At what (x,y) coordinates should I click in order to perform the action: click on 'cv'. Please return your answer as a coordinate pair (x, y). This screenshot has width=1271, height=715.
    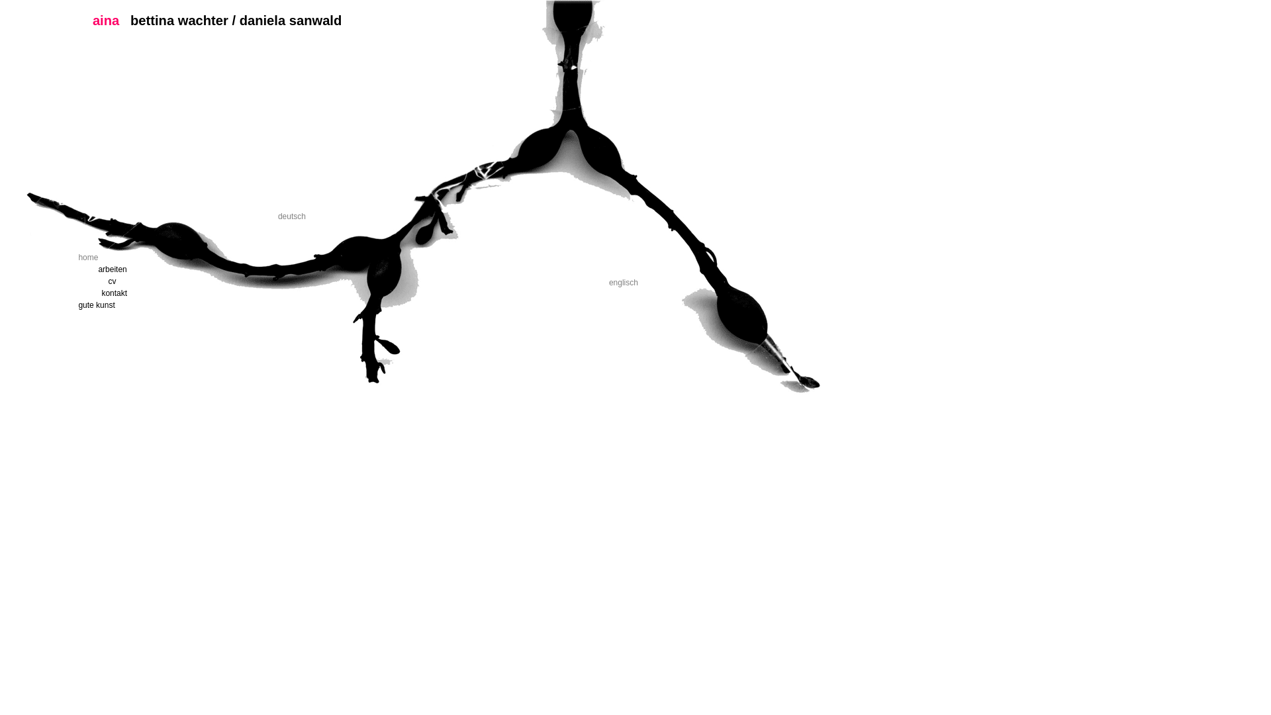
    Looking at the image, I should click on (167, 280).